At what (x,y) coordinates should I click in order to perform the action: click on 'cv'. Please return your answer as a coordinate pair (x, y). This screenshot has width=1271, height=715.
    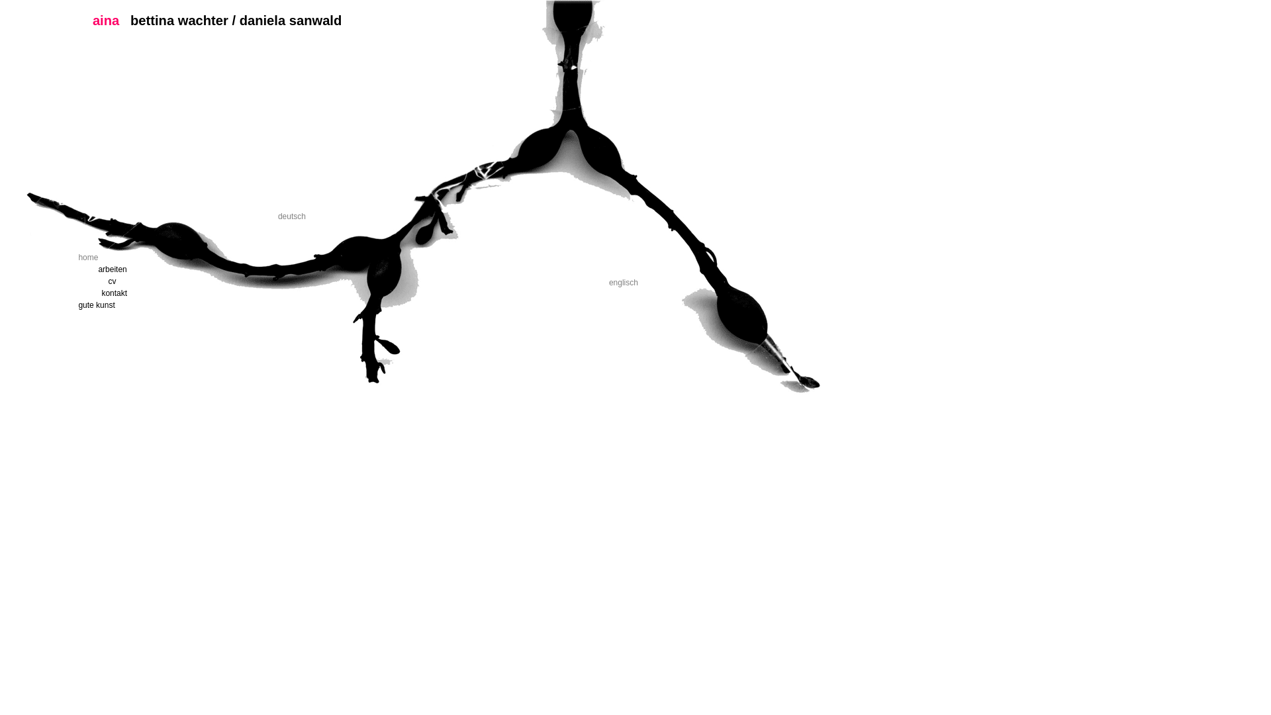
    Looking at the image, I should click on (167, 280).